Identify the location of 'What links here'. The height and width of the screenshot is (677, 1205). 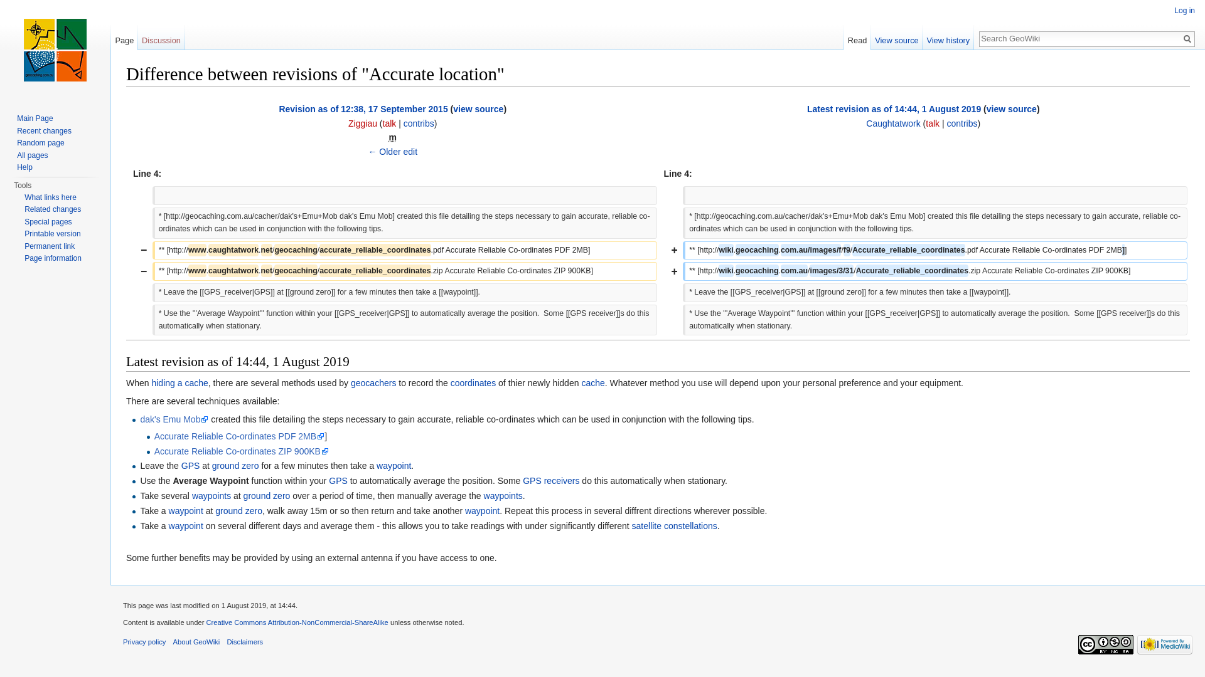
(50, 197).